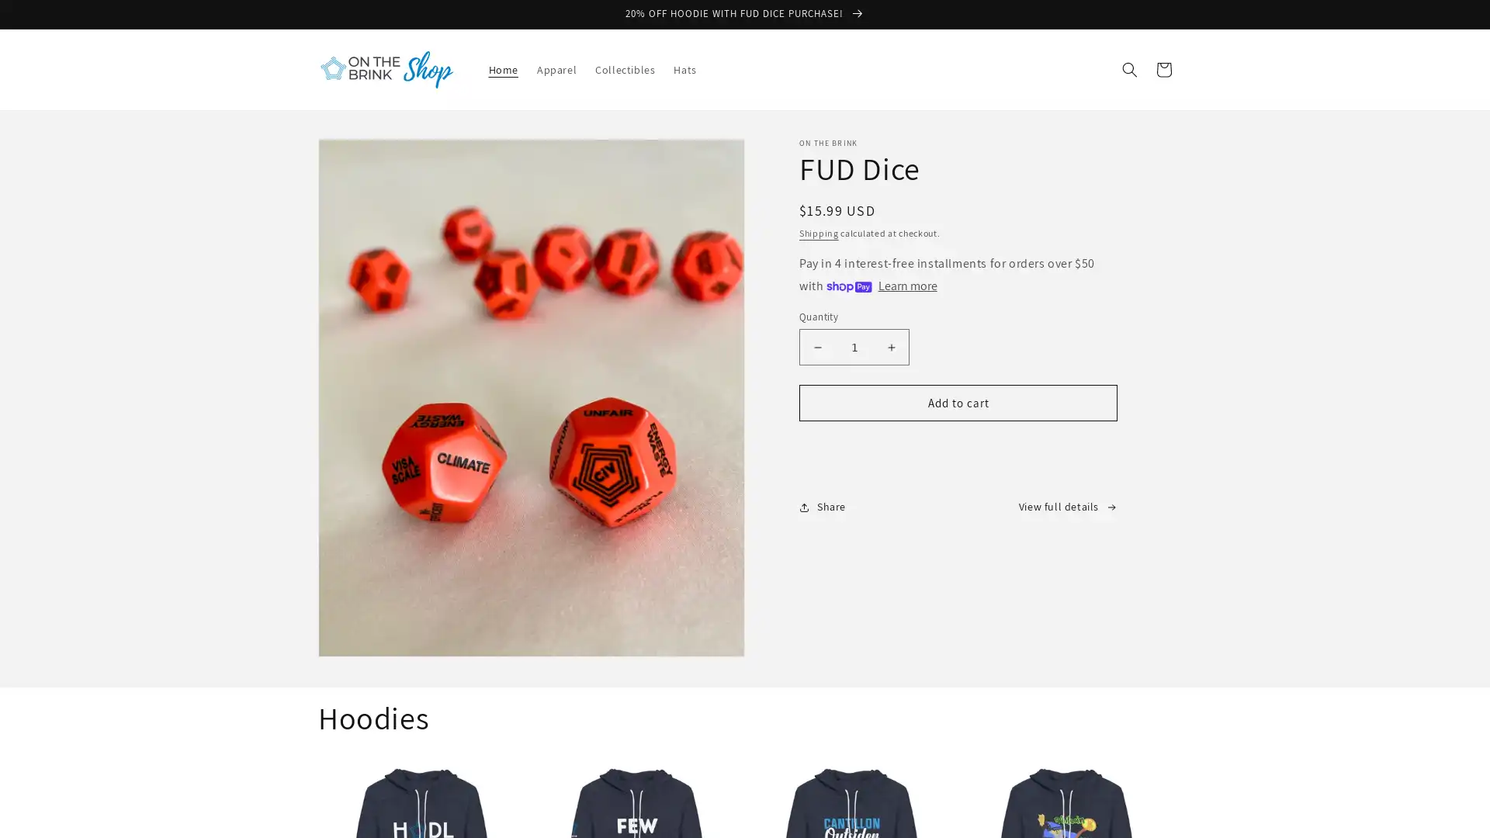 The height and width of the screenshot is (838, 1490). I want to click on Increase quantity for FUD Dice, so click(891, 346).